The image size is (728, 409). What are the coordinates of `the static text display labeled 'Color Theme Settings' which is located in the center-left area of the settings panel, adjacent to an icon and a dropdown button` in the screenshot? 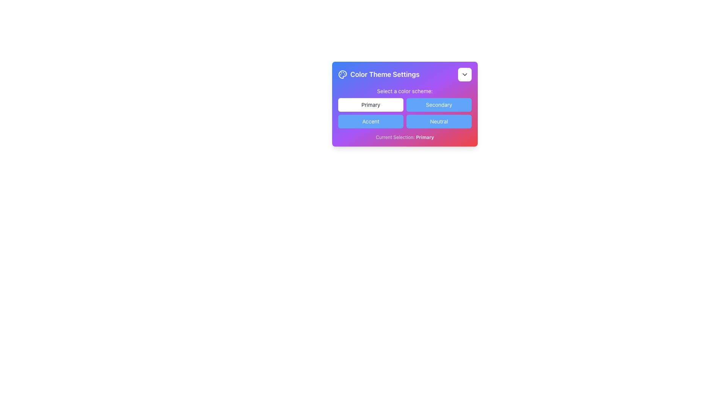 It's located at (385, 74).